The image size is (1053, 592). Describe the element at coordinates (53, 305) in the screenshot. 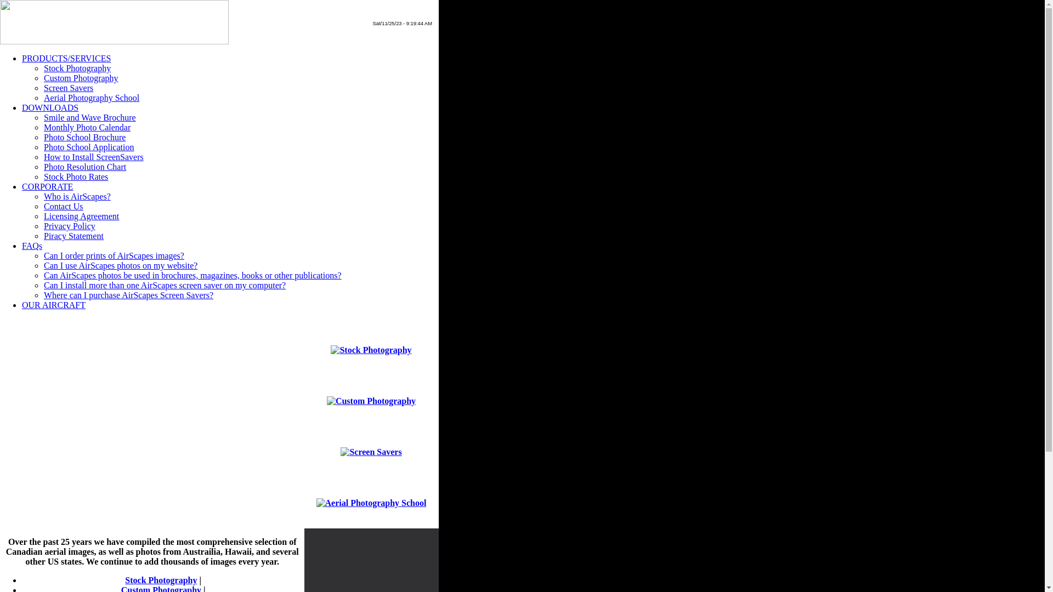

I see `'OUR AIRCRAFT'` at that location.